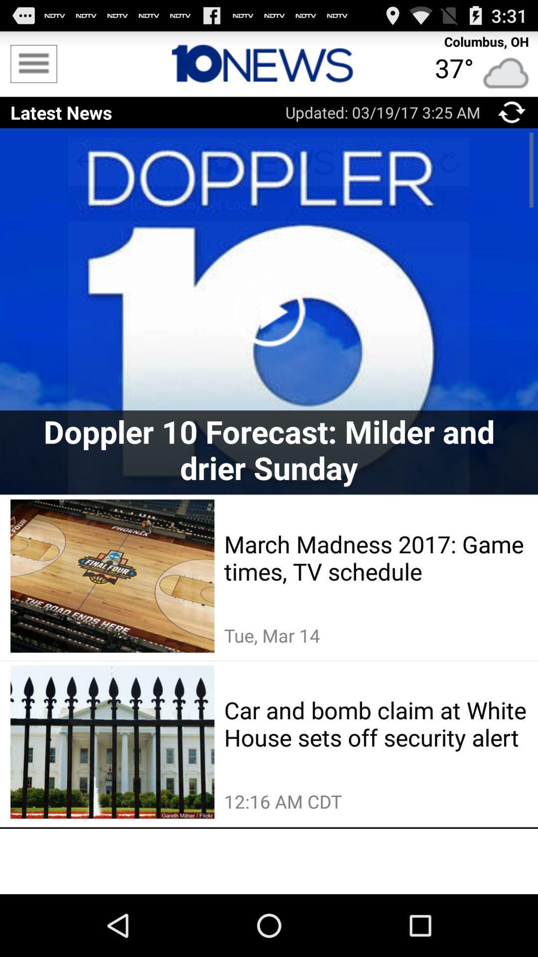  I want to click on doppler 10 forecast item, so click(269, 449).